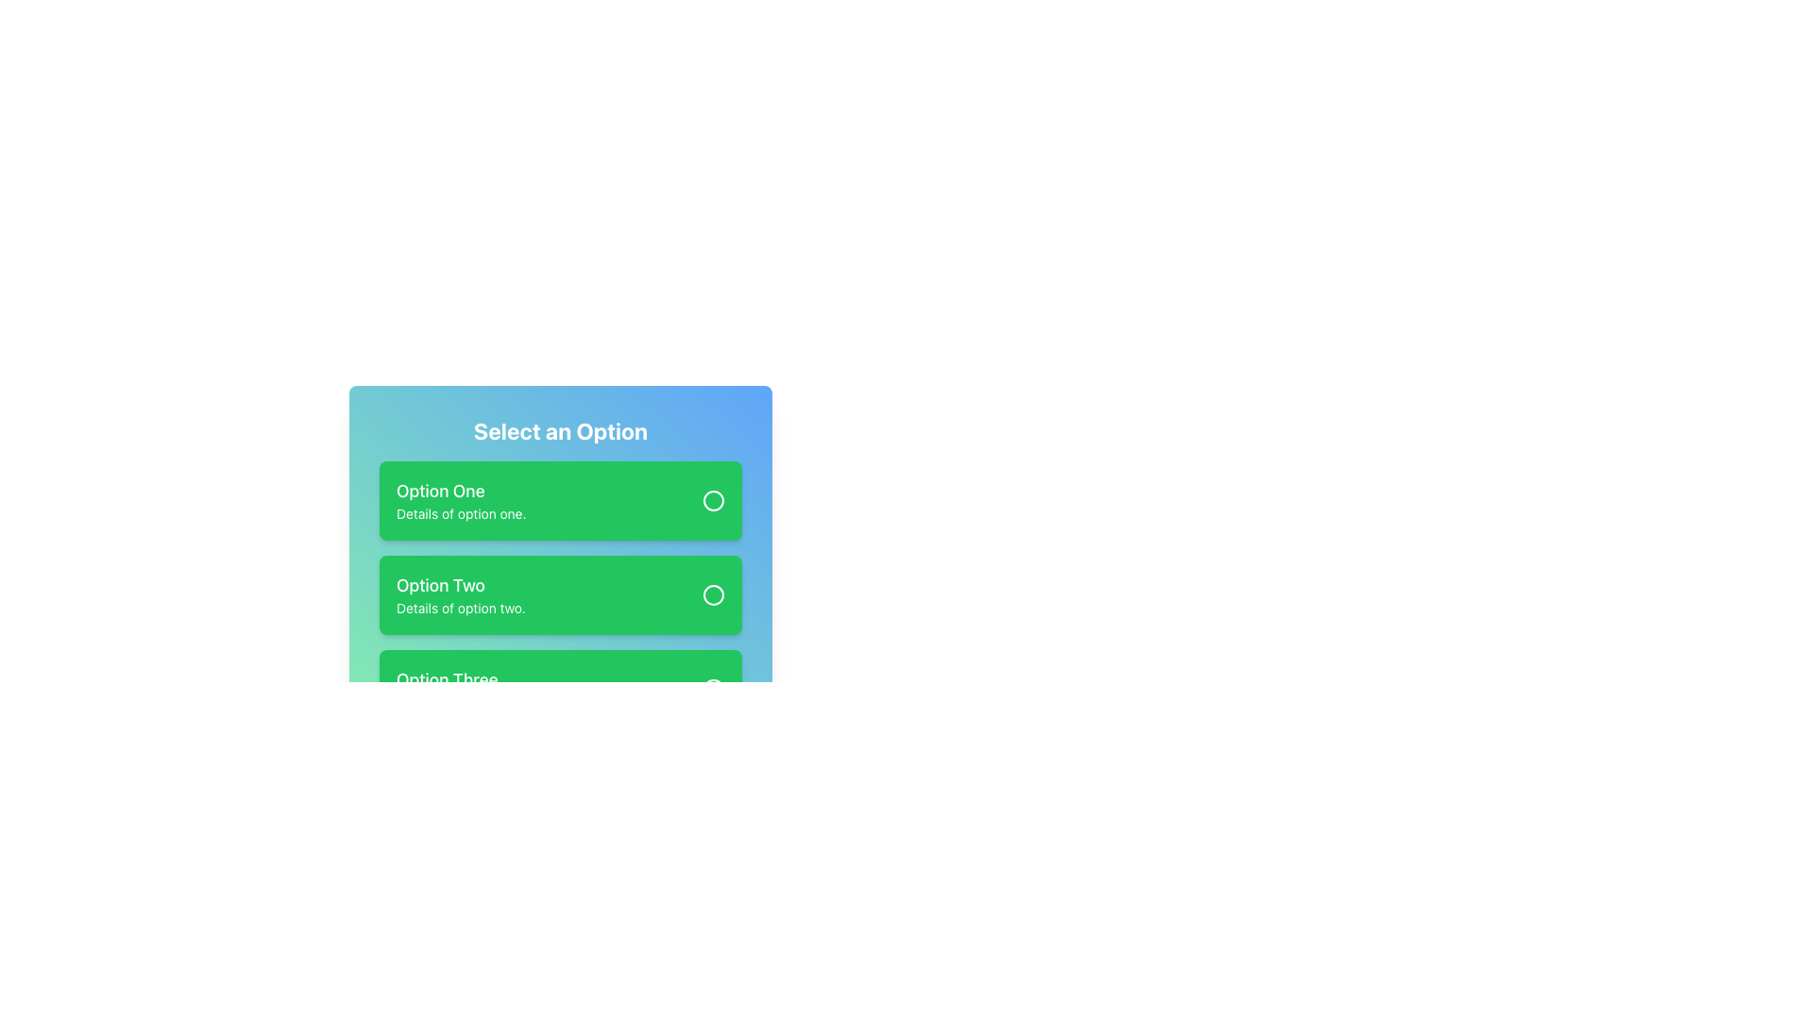 Image resolution: width=1813 pixels, height=1019 pixels. What do you see at coordinates (560, 500) in the screenshot?
I see `the green rectangular button labeled 'Option One'` at bounding box center [560, 500].